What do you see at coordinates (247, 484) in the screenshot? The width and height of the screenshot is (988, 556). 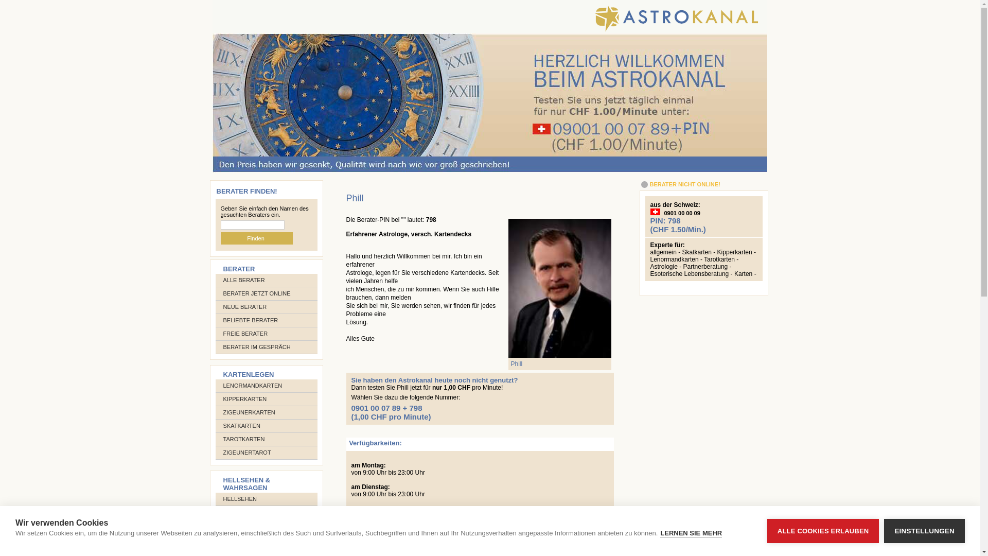 I see `'HELLSEHEN & WAHRSAGEN'` at bounding box center [247, 484].